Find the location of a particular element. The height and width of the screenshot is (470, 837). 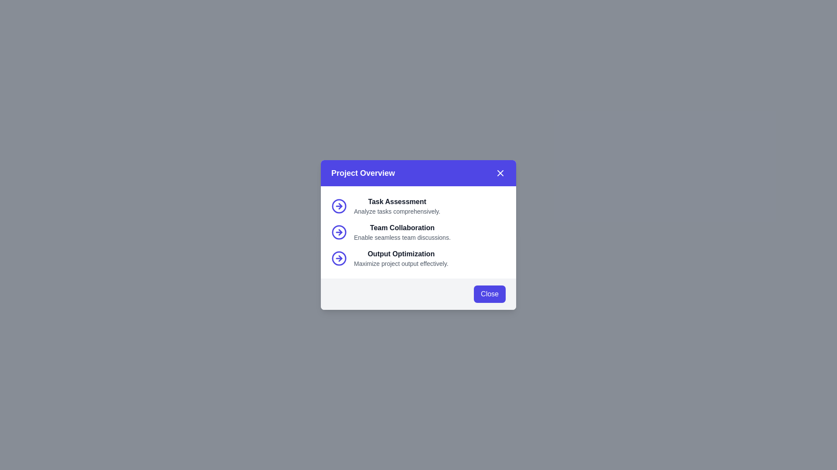

the icon in the 'Team Collaboration' informational section located in the 'Project Overview' modal box, positioned between 'Task Assessment' and 'Output Optimization' is located at coordinates (418, 232).